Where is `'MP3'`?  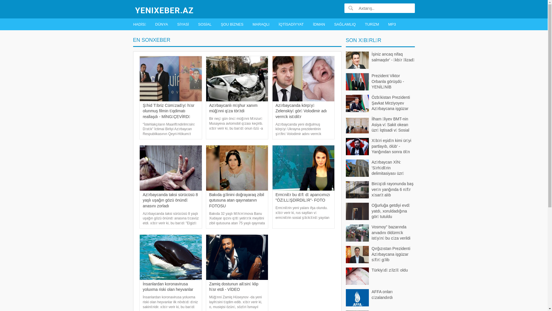
'MP3' is located at coordinates (386, 24).